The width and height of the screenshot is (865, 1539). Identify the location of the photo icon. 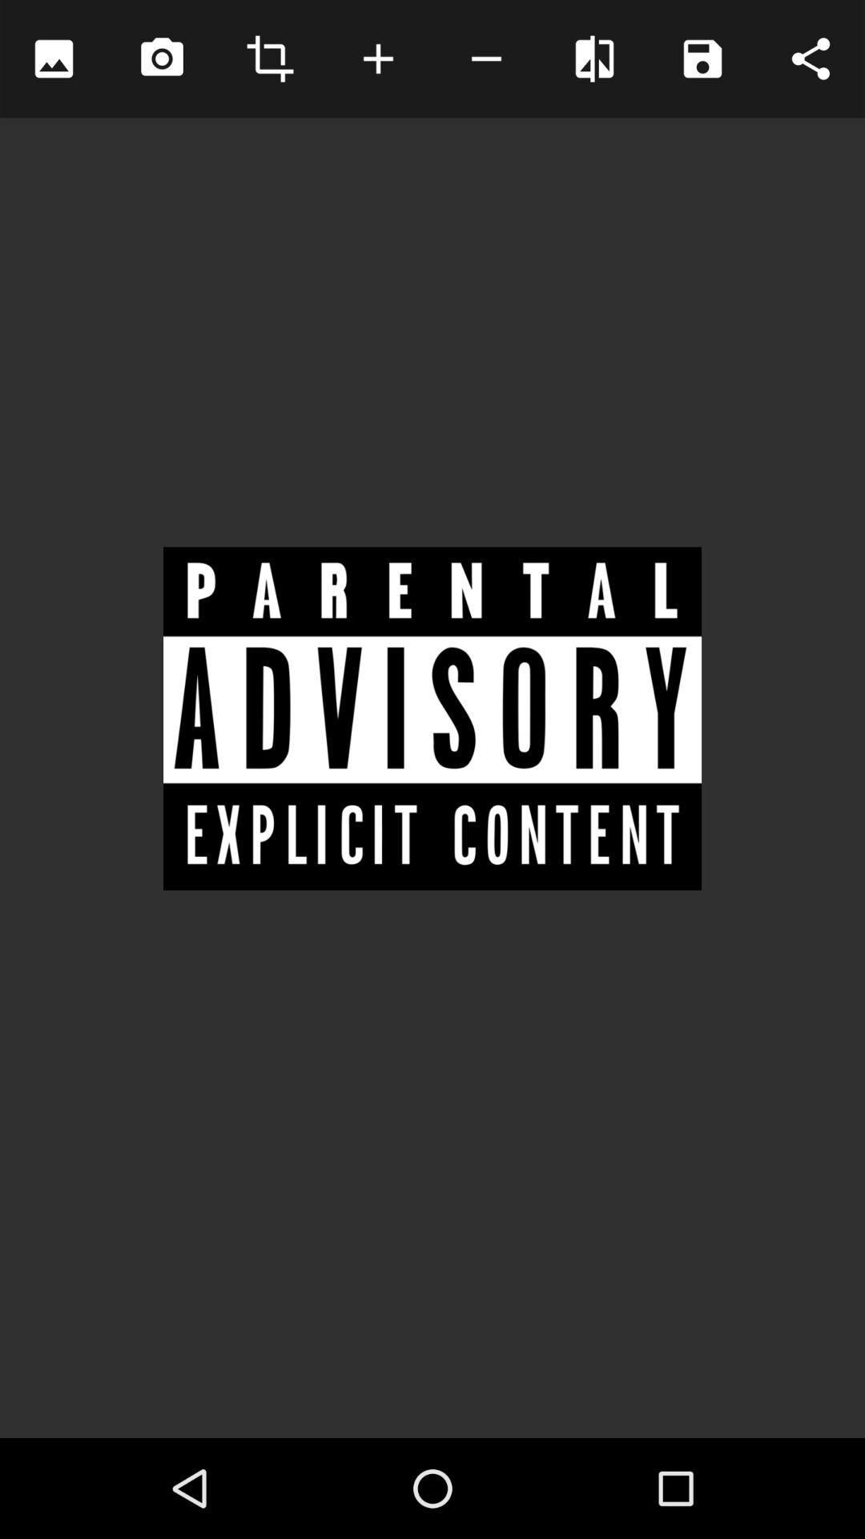
(162, 59).